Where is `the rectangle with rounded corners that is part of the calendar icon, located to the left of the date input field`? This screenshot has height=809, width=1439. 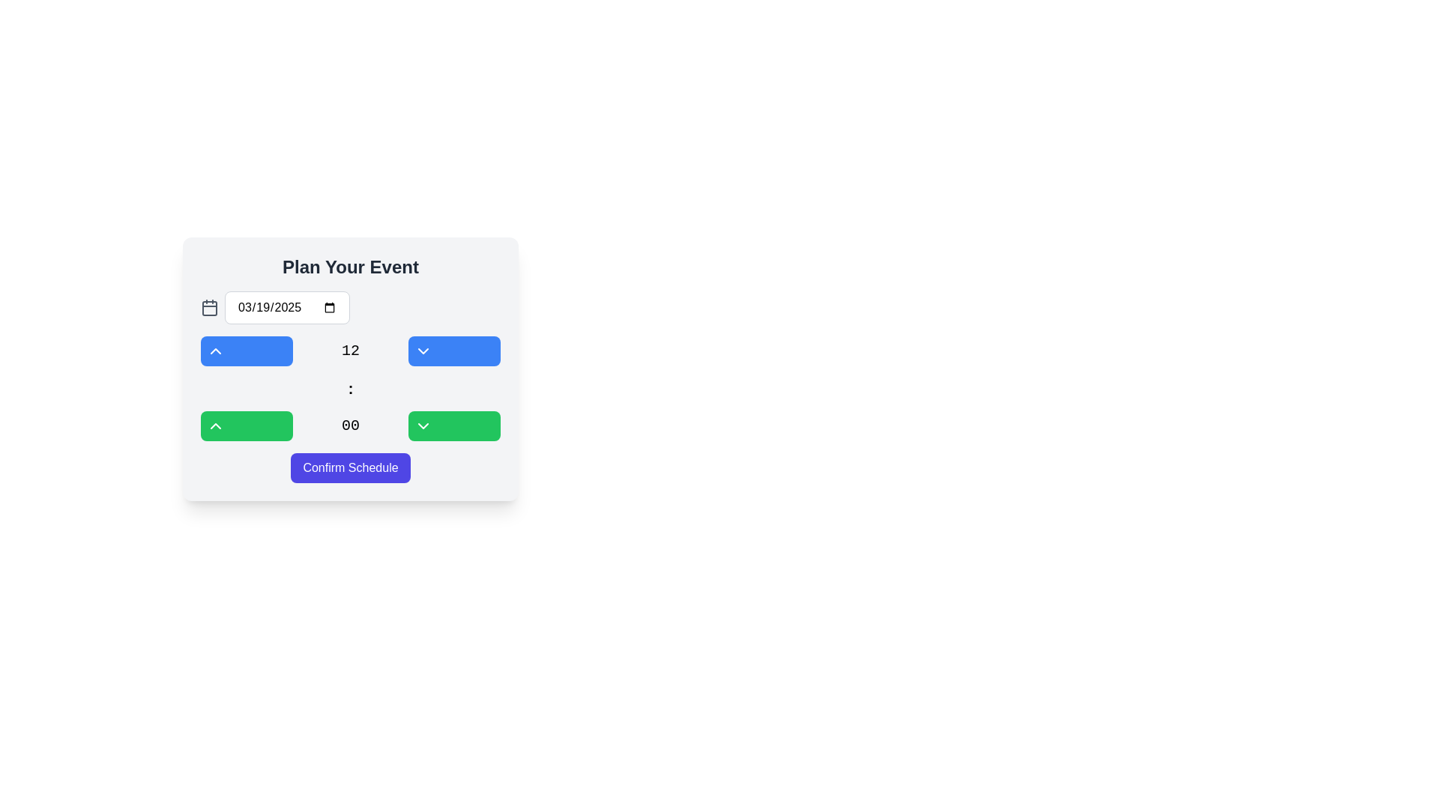 the rectangle with rounded corners that is part of the calendar icon, located to the left of the date input field is located at coordinates (208, 308).